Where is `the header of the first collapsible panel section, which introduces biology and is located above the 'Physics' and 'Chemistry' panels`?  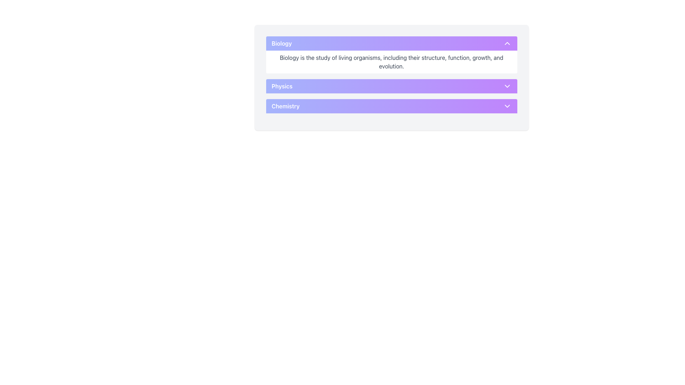
the header of the first collapsible panel section, which introduces biology and is located above the 'Physics' and 'Chemistry' panels is located at coordinates (391, 55).